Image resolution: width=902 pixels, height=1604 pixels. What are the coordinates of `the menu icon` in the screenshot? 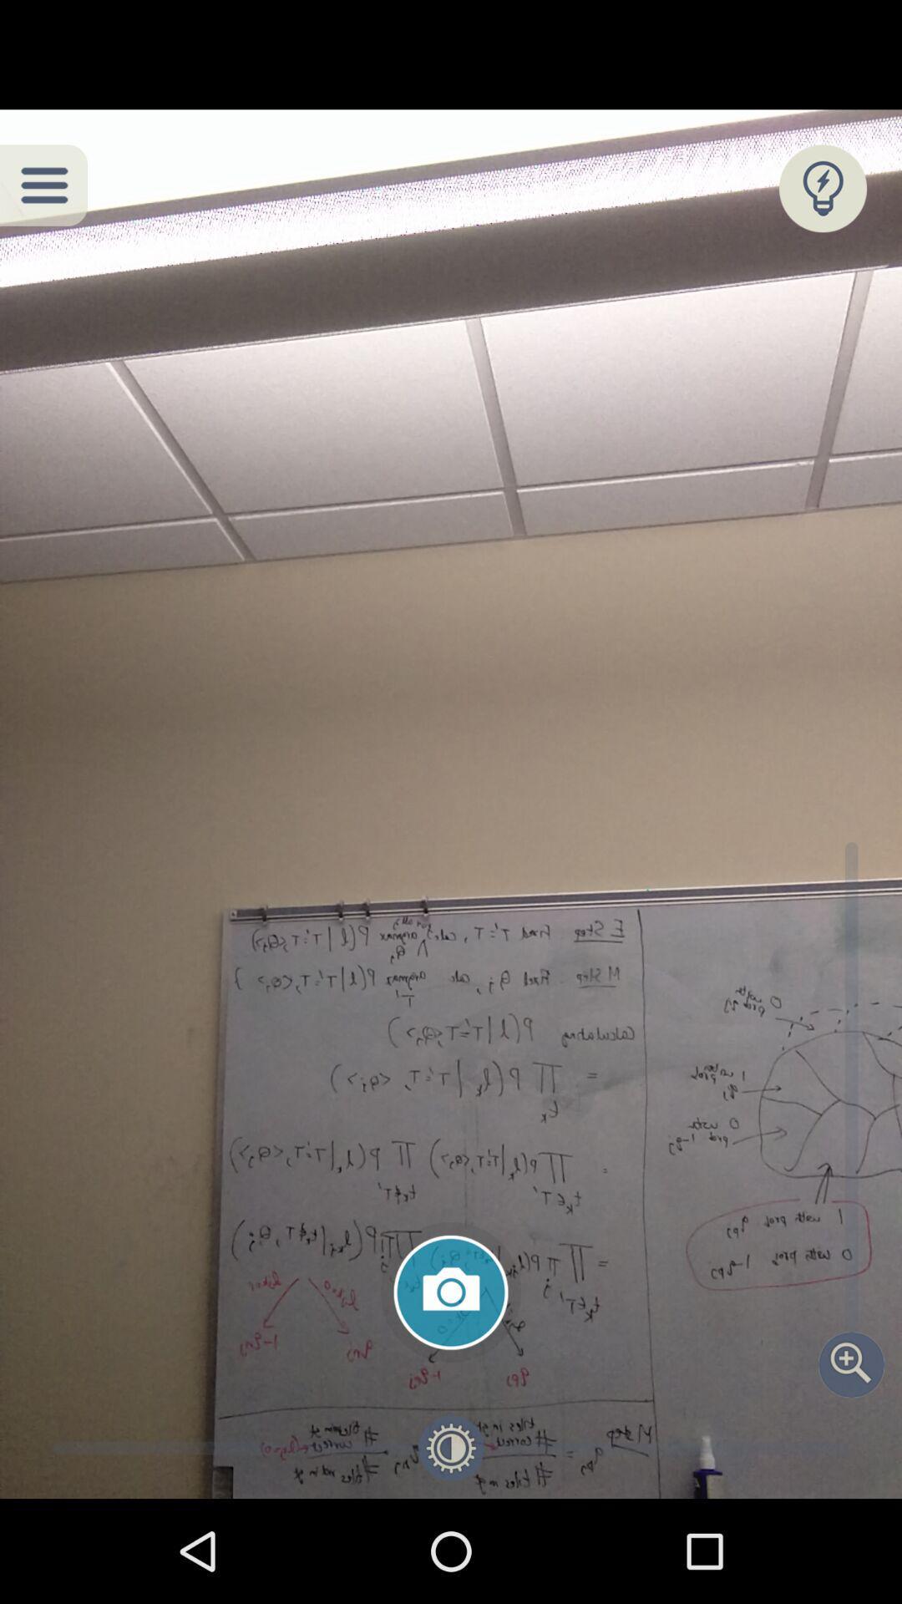 It's located at (43, 185).